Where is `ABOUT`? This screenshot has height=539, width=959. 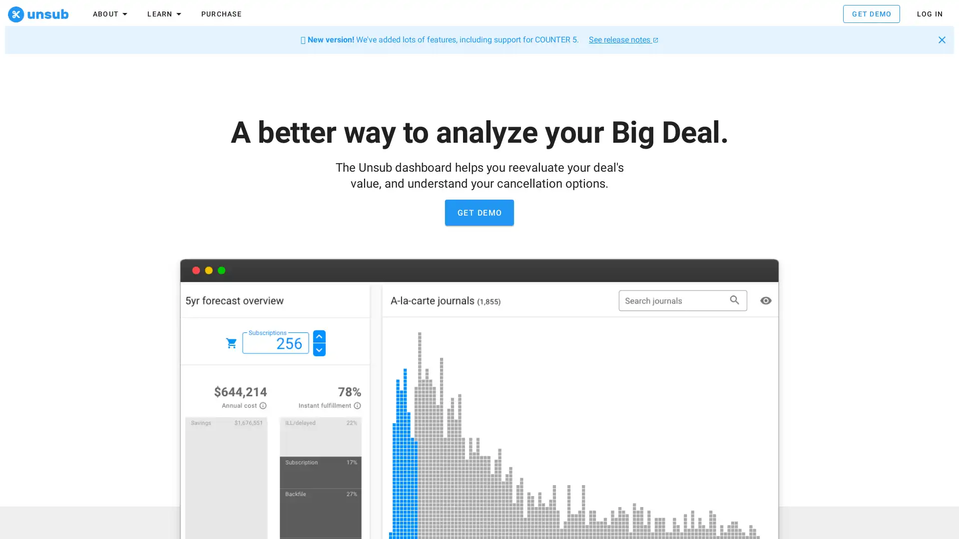
ABOUT is located at coordinates (111, 15).